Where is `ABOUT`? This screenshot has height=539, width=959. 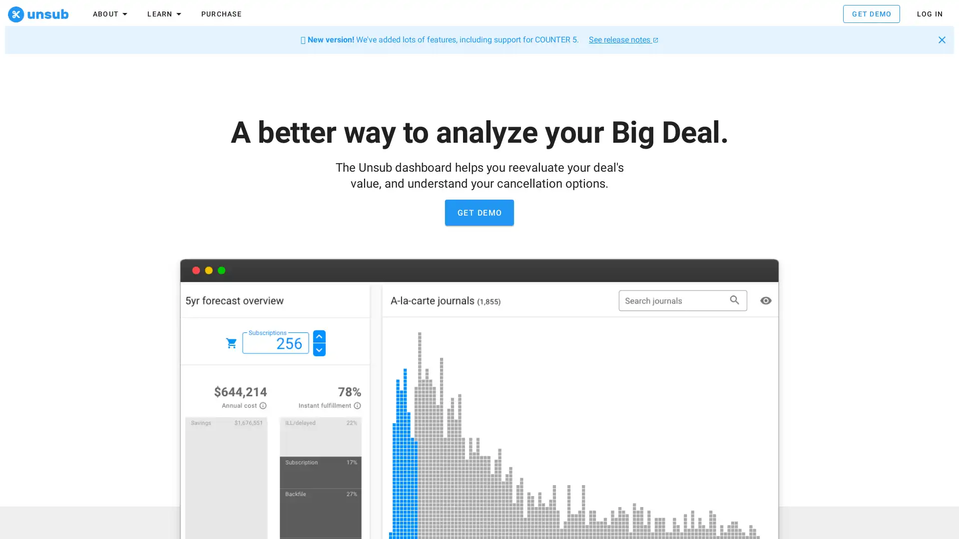
ABOUT is located at coordinates (111, 15).